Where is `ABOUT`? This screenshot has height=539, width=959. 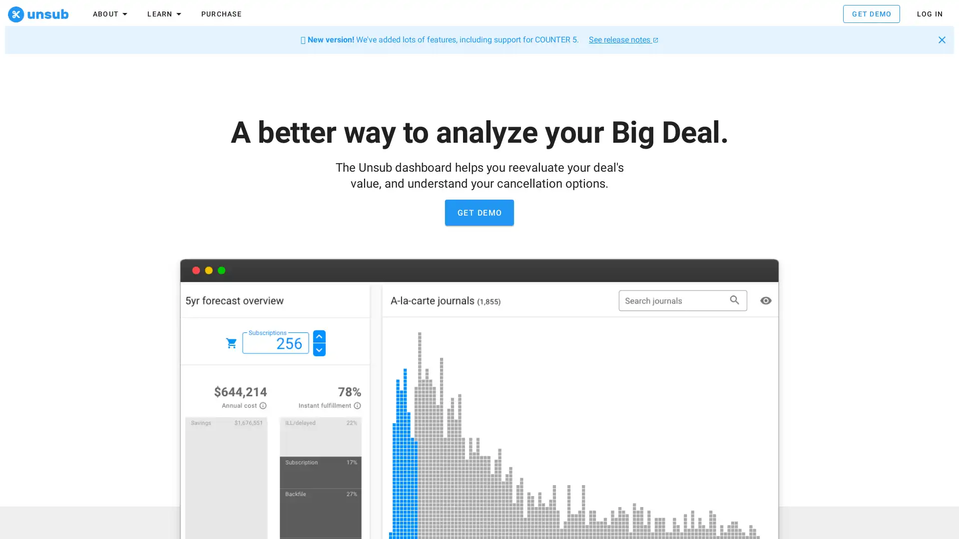
ABOUT is located at coordinates (111, 15).